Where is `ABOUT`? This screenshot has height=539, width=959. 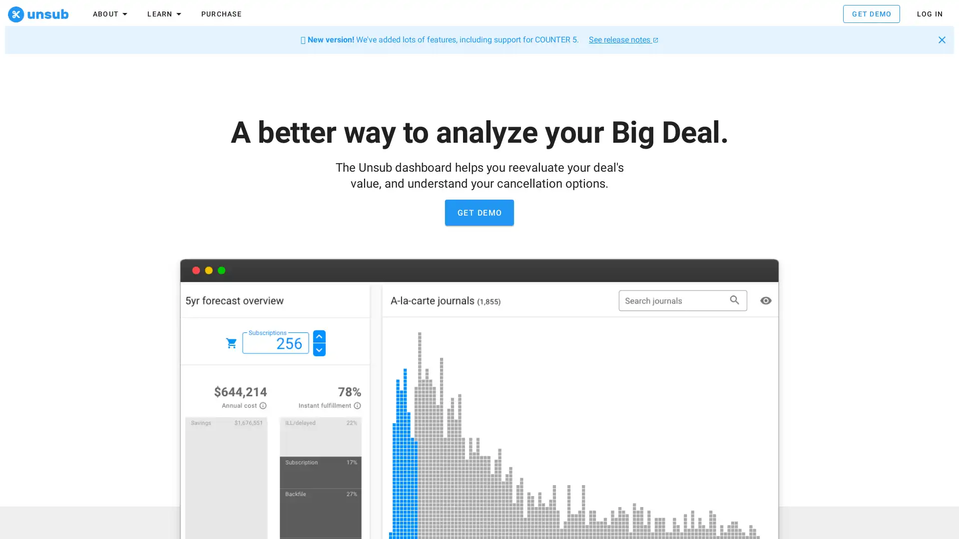
ABOUT is located at coordinates (111, 15).